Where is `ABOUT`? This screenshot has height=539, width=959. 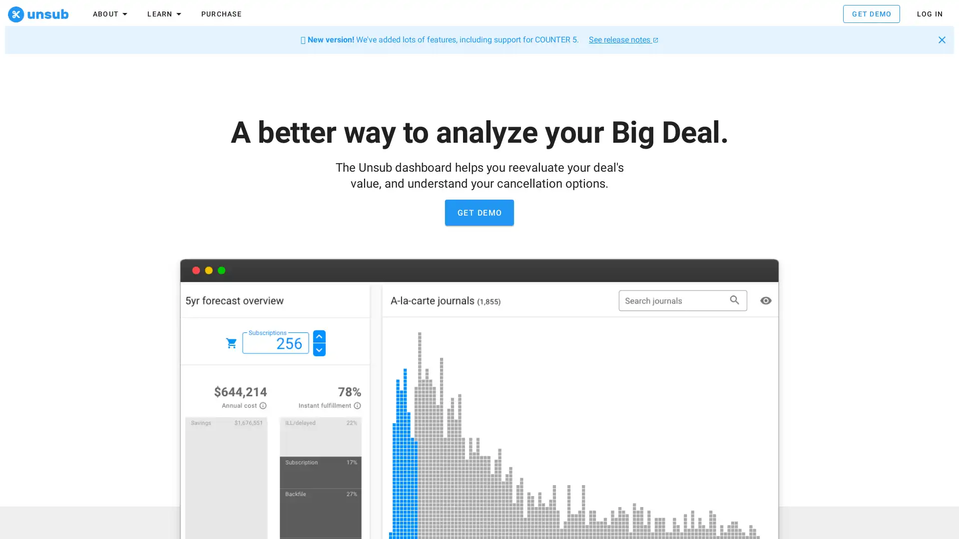
ABOUT is located at coordinates (111, 15).